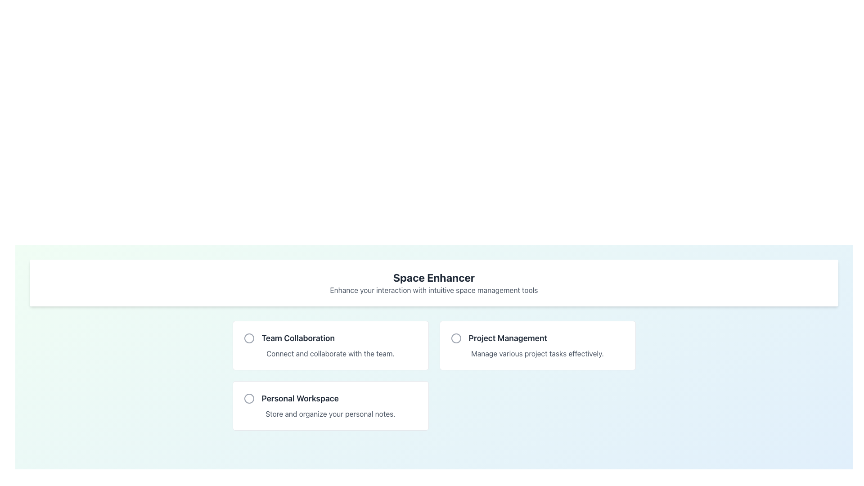 The width and height of the screenshot is (864, 486). Describe the element at coordinates (456, 338) in the screenshot. I see `the decorative circular icon positioned to the left of the 'Project Management' text within its card layout` at that location.